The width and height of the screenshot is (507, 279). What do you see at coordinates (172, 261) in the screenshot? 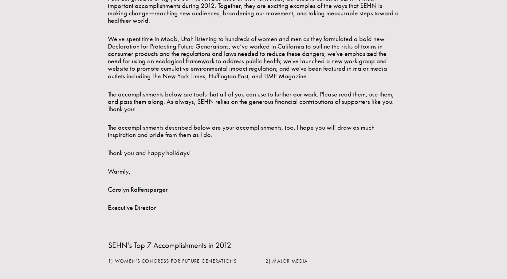
I see `'1) Women's Congress for Future Generations'` at bounding box center [172, 261].